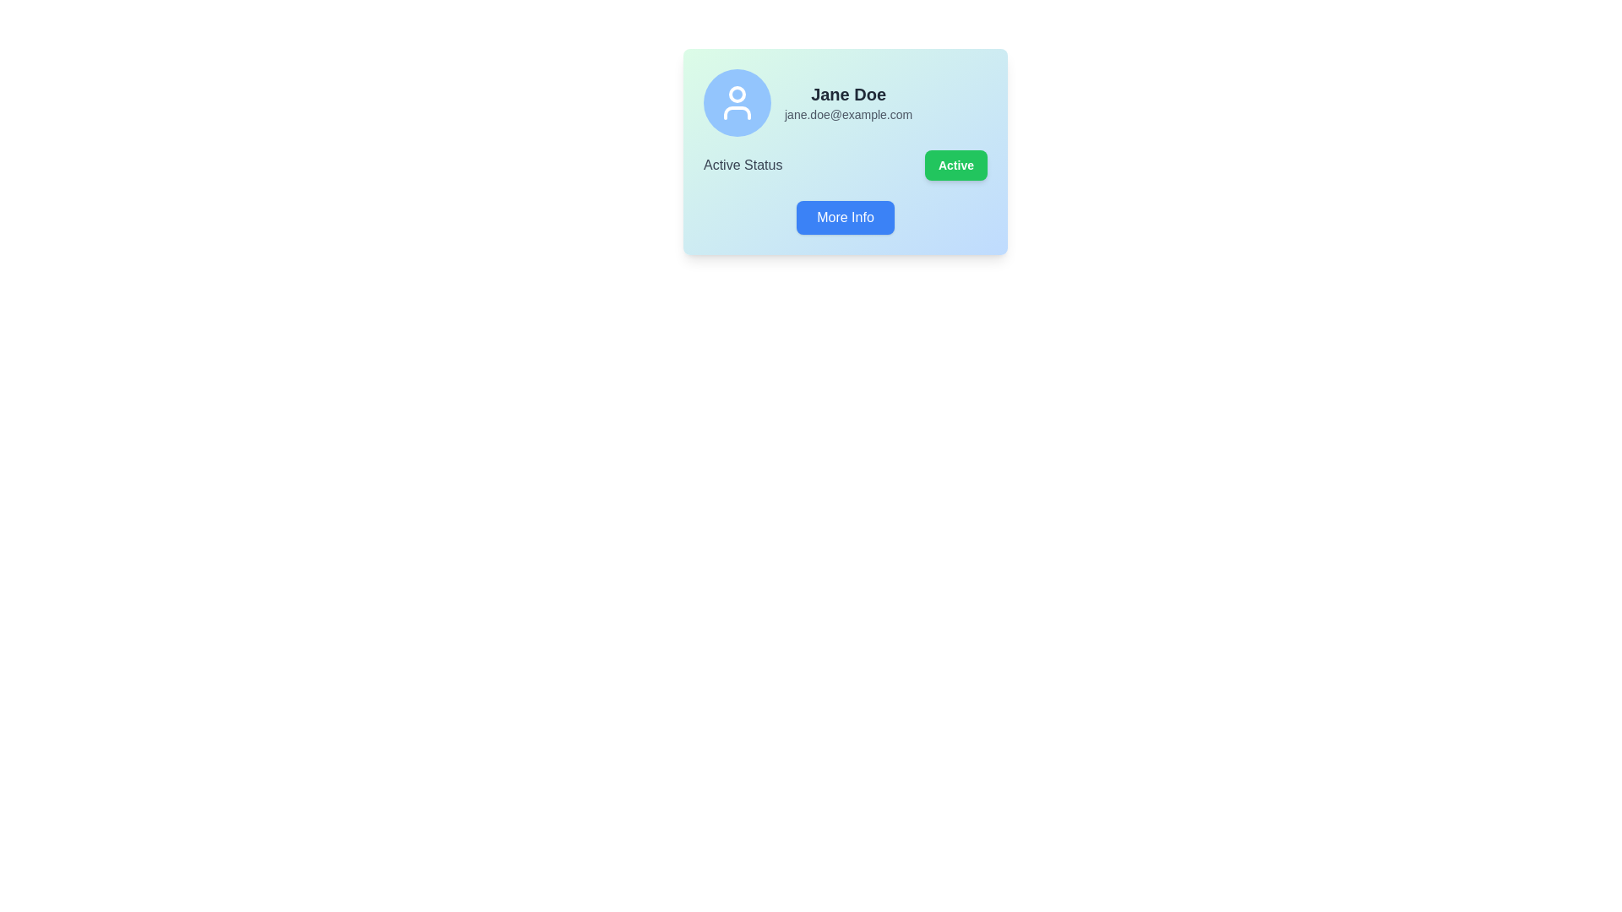 The image size is (1622, 912). I want to click on the user icon, which is visually represented by a profile image in a circular blue background on the left side of the user profile section, so click(738, 103).